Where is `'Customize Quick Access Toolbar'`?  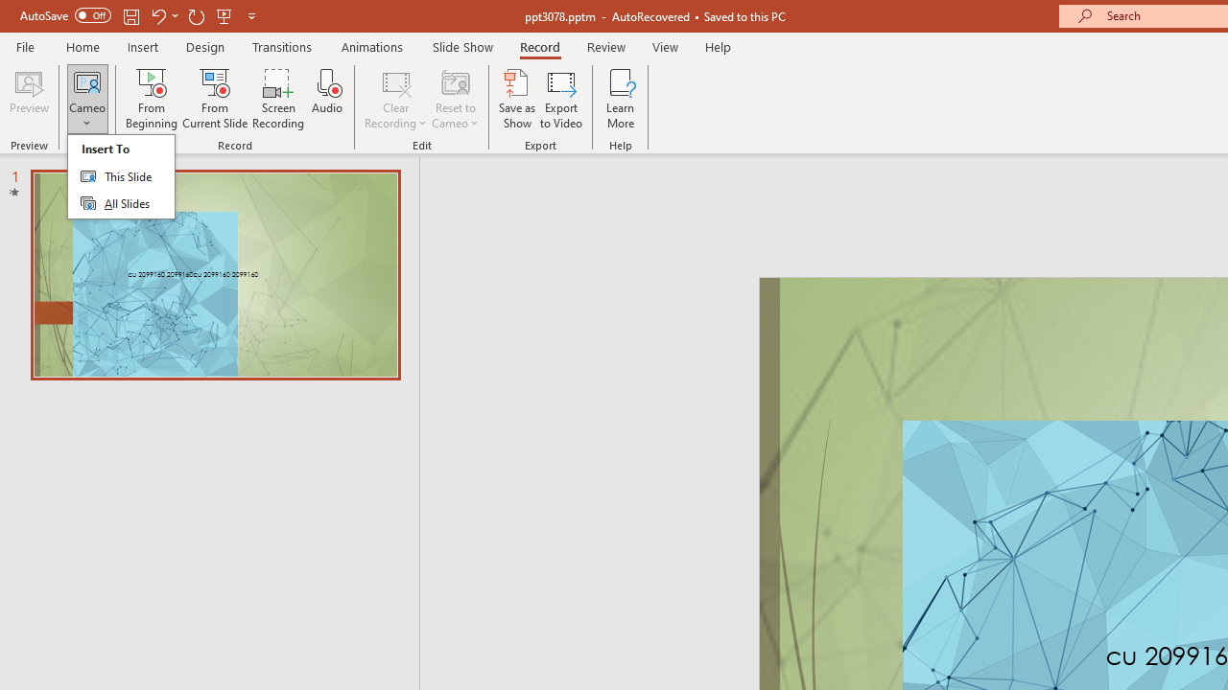 'Customize Quick Access Toolbar' is located at coordinates (251, 15).